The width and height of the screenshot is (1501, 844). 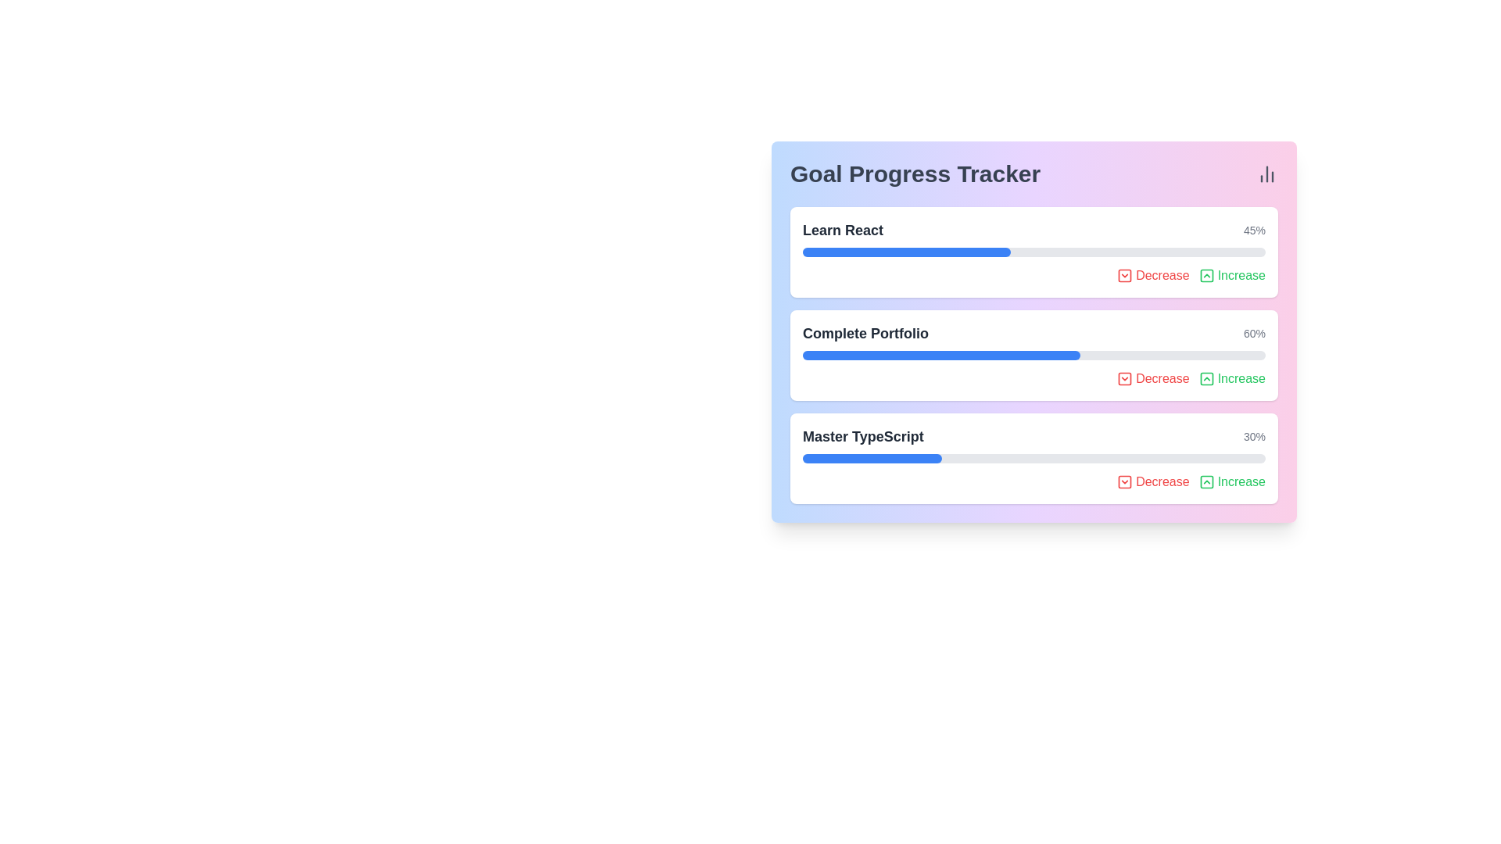 I want to click on the 'Decrease' button, which is red with a chevron-down icon, located to the left of the 'Increase' button in the progress control section of the 'Complete Portfolio' progress bar, so click(x=1153, y=379).